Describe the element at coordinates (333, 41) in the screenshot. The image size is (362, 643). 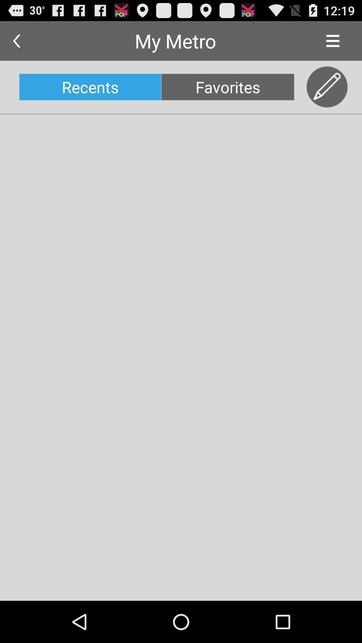
I see `the app to the right of my metro app` at that location.